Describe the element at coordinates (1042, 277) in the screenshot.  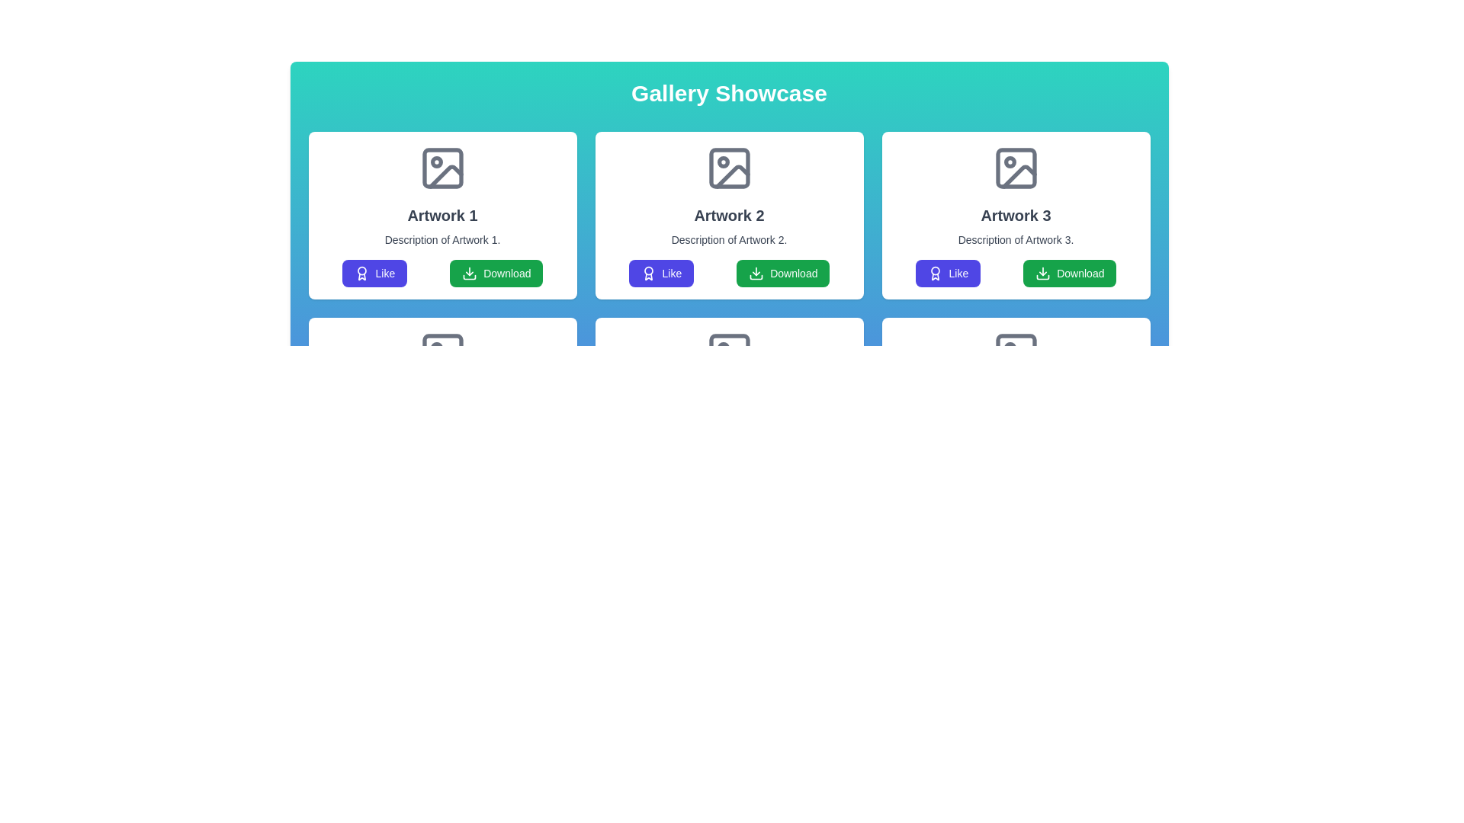
I see `the bottom part of the SVG icon within the 'Download' button under the 'Artwork 3' card` at that location.